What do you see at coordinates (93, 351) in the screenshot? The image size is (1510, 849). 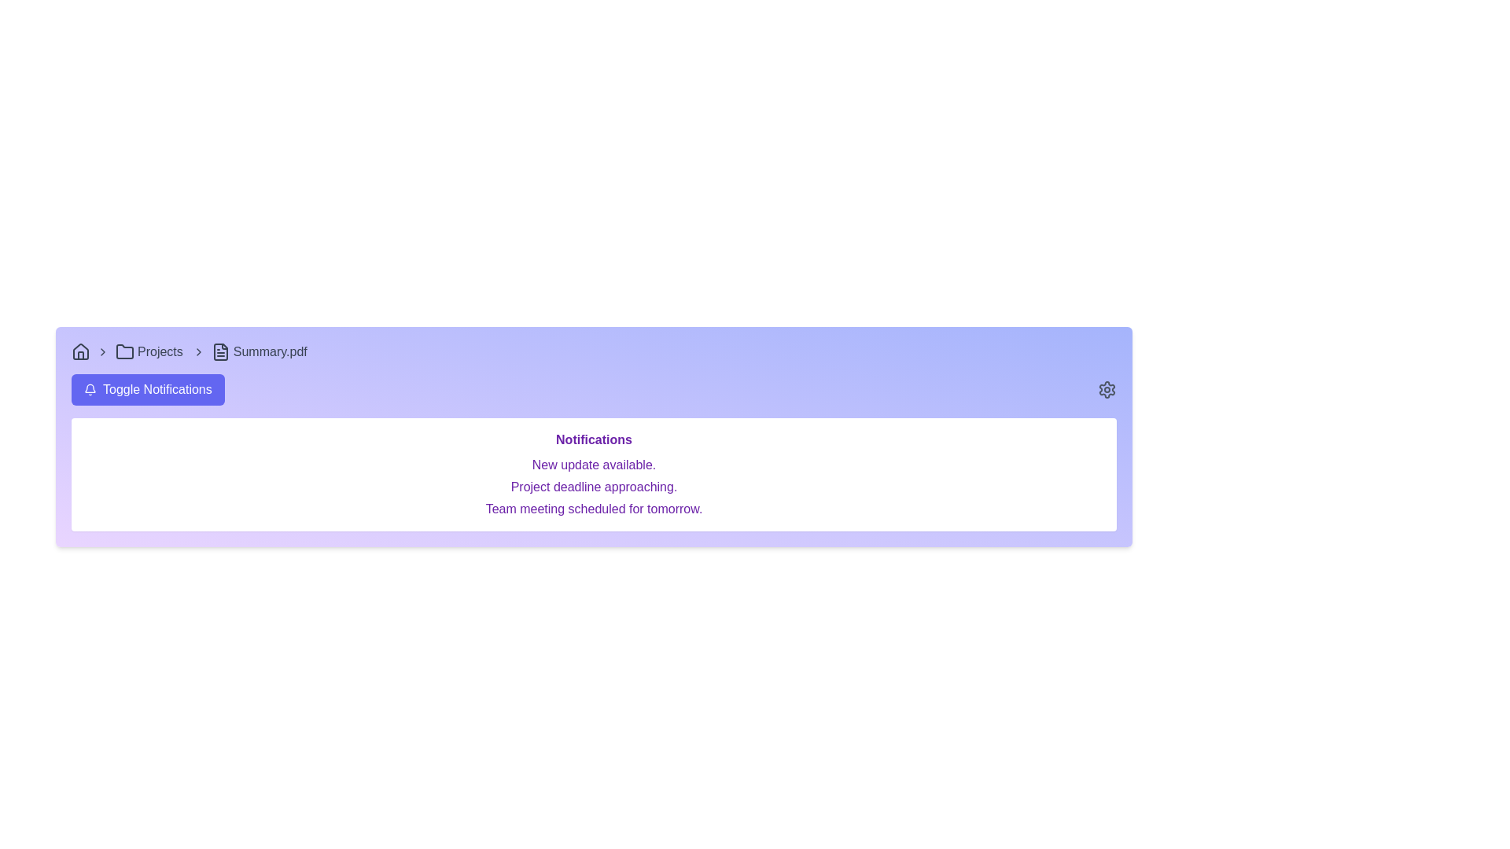 I see `the 'home' button in the breadcrumb navigation bar` at bounding box center [93, 351].